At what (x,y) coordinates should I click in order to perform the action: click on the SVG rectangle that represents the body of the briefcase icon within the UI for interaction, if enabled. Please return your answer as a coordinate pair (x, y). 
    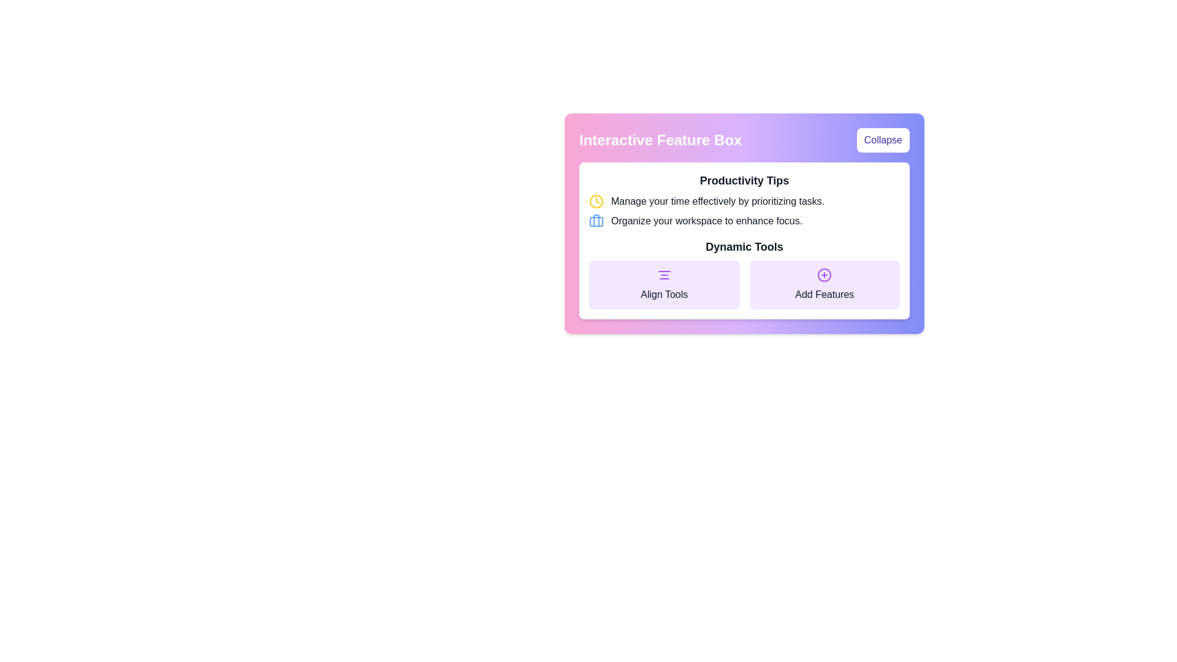
    Looking at the image, I should click on (596, 222).